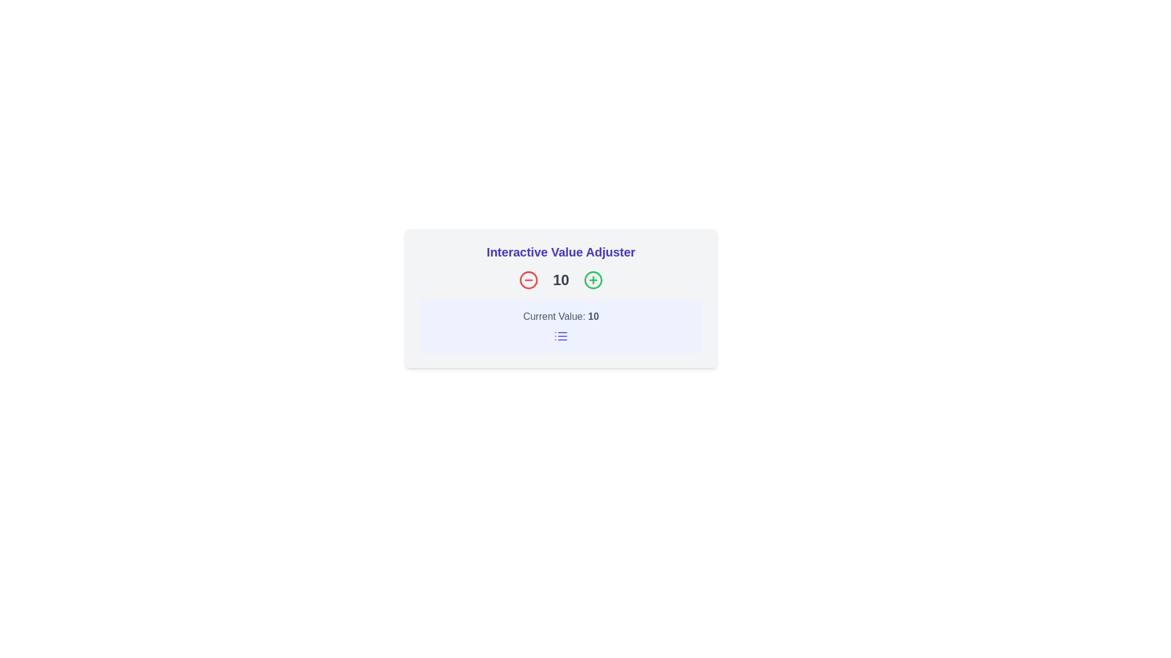  I want to click on the Static text display that shows 'Current Value: 10', which is centrally positioned in a card-like component with a light indigo background, located between a numeric display and a list icon, so click(560, 316).